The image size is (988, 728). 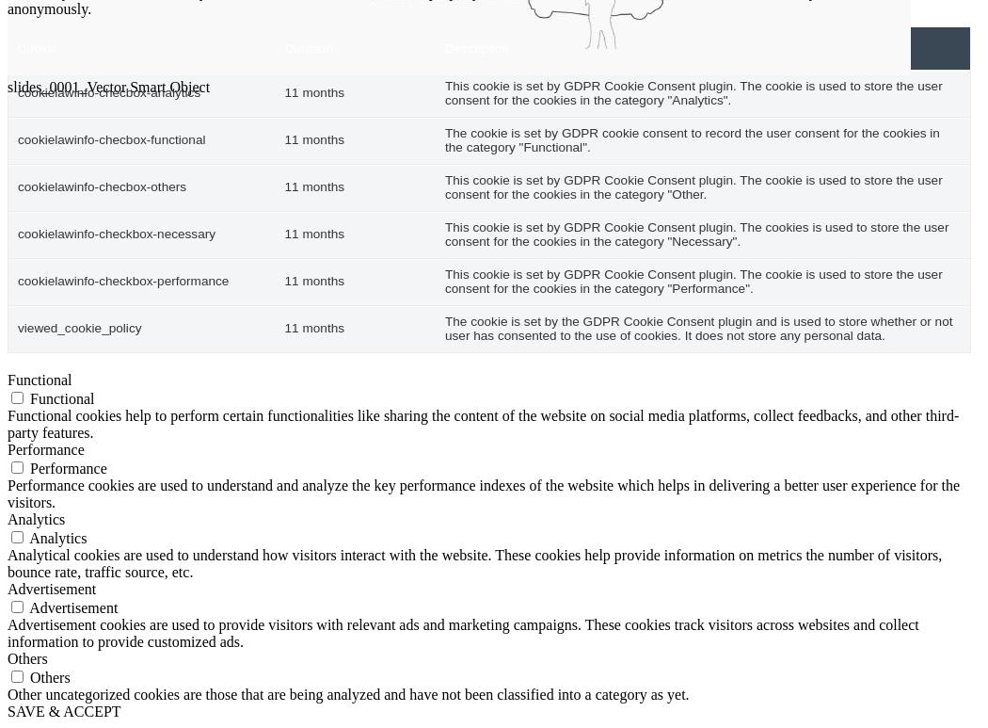 What do you see at coordinates (697, 327) in the screenshot?
I see `'The cookie is set by the GDPR Cookie Consent plugin and is used to store whether or not user has consented to the use of cookies. It does not store any personal data.'` at bounding box center [697, 327].